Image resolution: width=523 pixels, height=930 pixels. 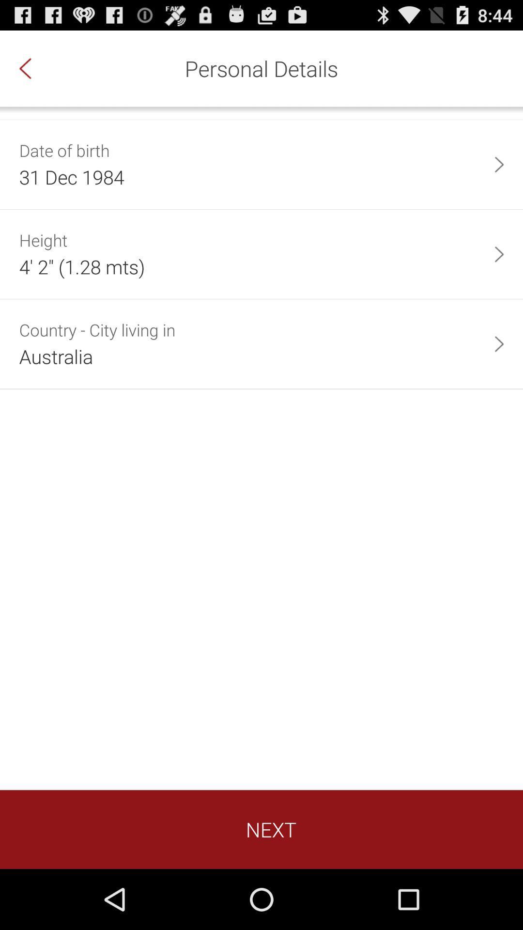 I want to click on the app to the right of 31 dec 1984 app, so click(x=499, y=164).